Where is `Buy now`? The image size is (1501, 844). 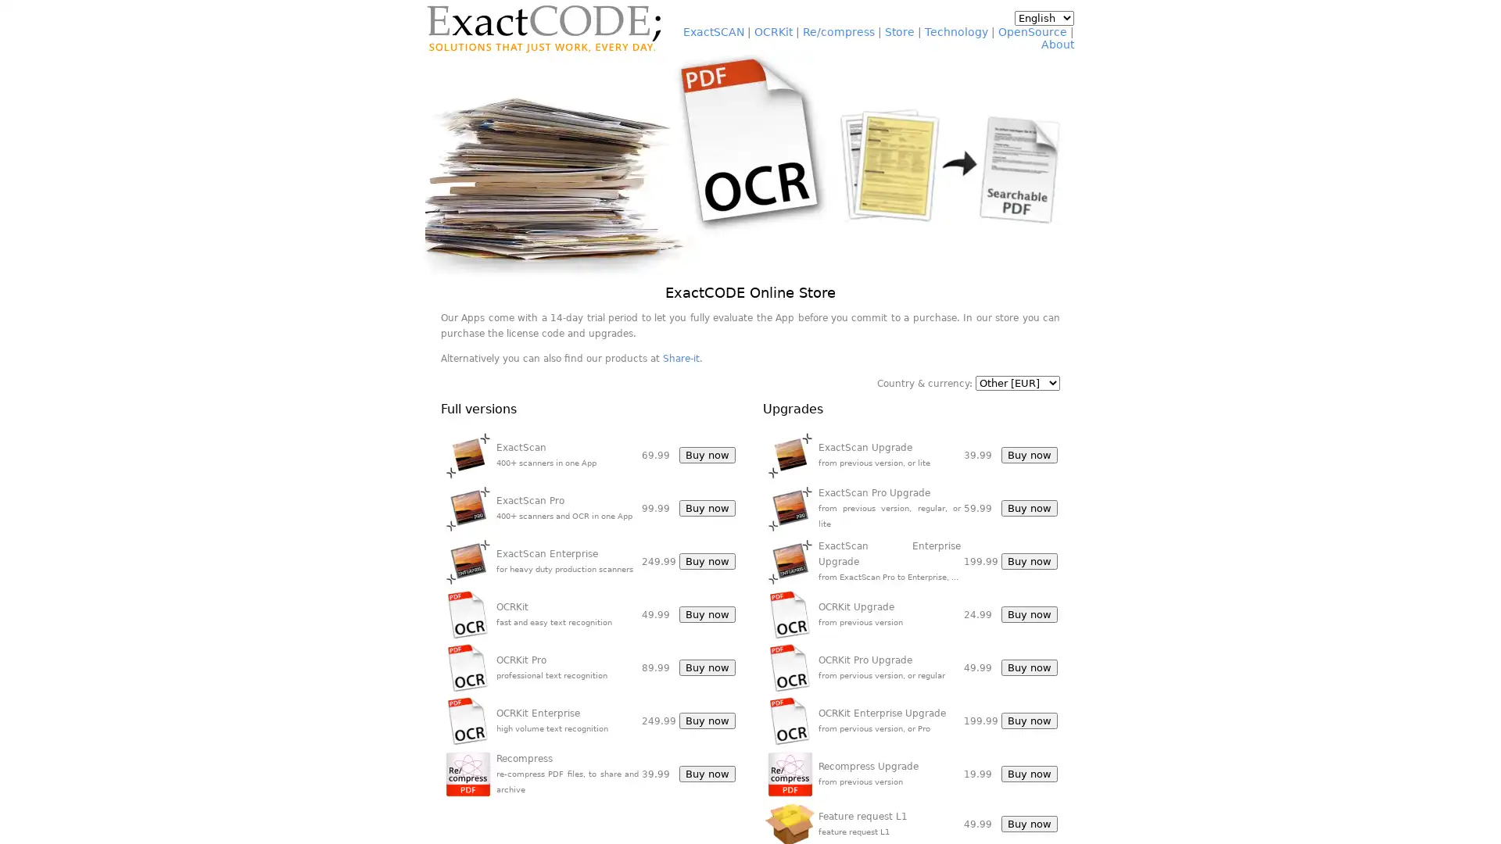 Buy now is located at coordinates (1028, 455).